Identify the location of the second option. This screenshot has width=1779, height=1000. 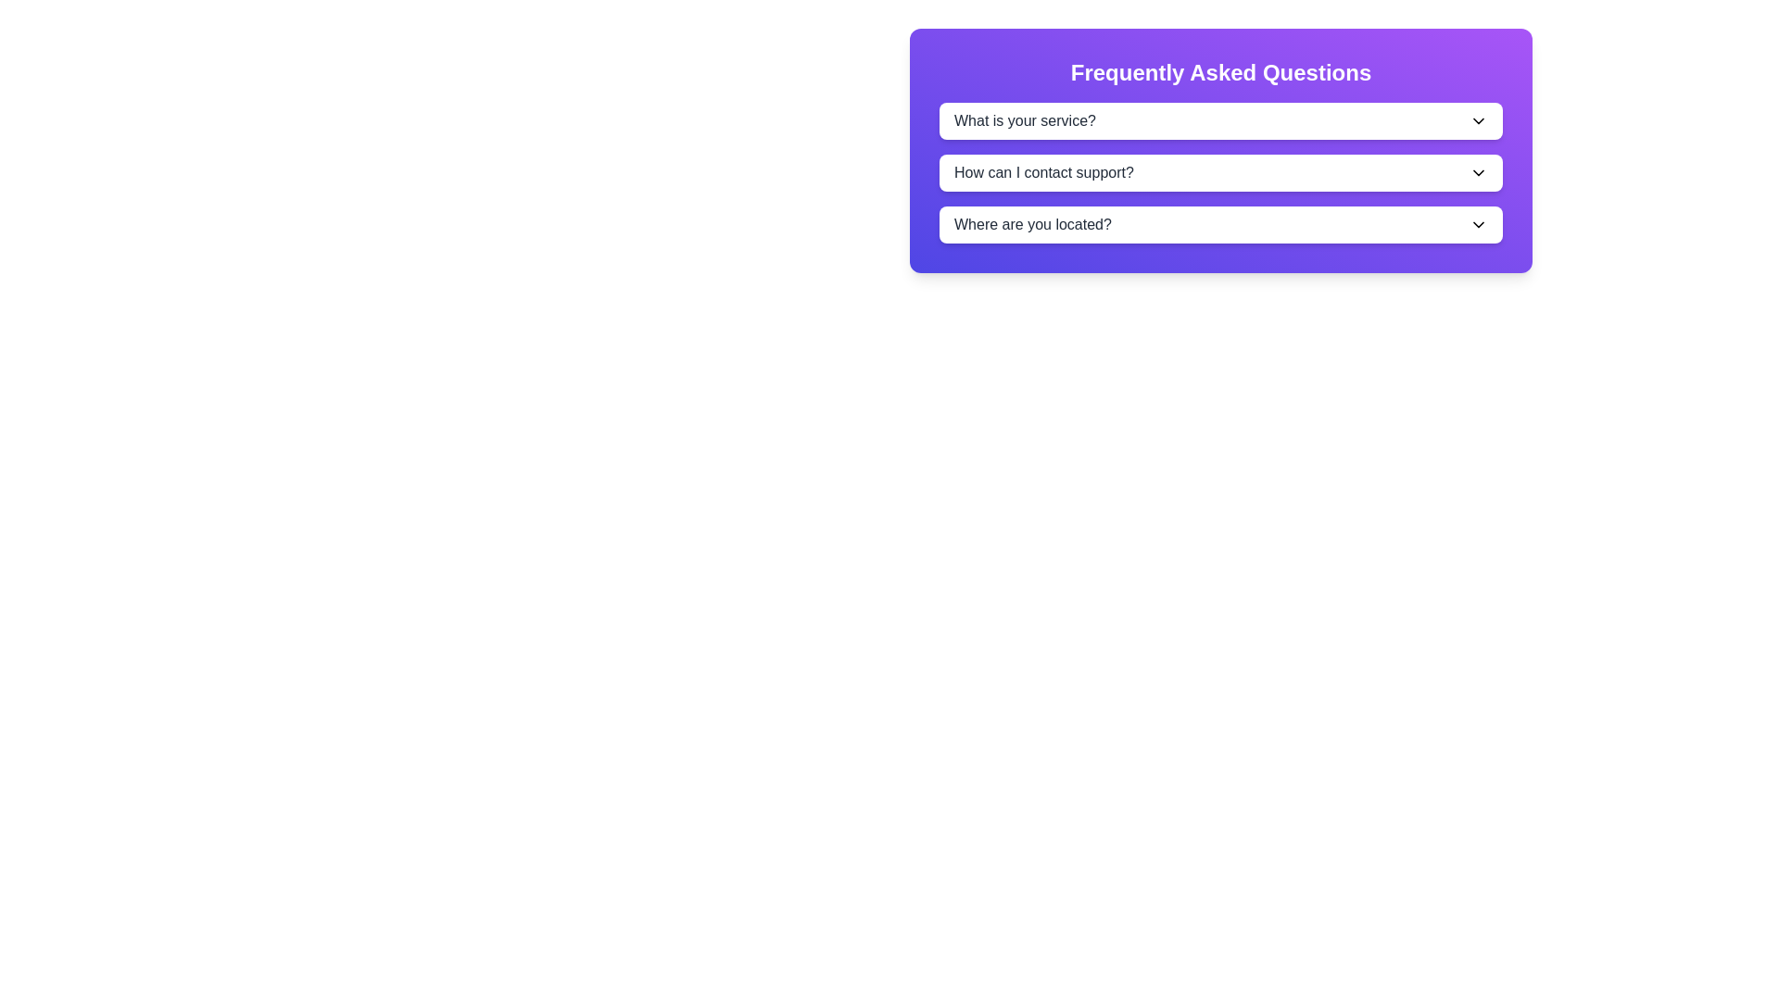
(1221, 172).